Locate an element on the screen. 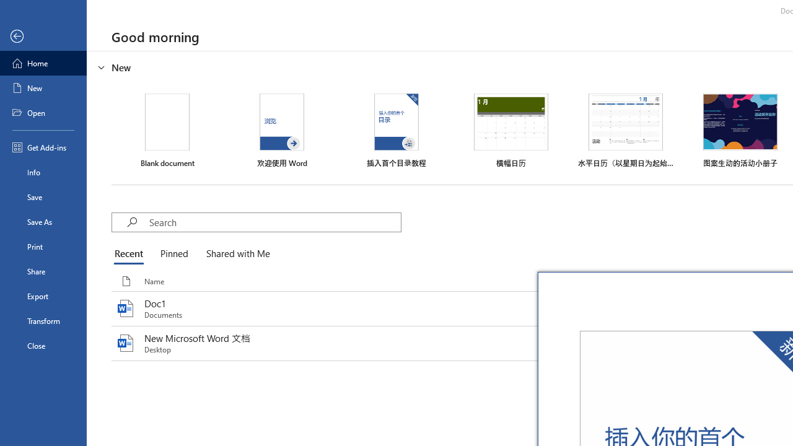 This screenshot has width=793, height=446. 'New' is located at coordinates (43, 87).